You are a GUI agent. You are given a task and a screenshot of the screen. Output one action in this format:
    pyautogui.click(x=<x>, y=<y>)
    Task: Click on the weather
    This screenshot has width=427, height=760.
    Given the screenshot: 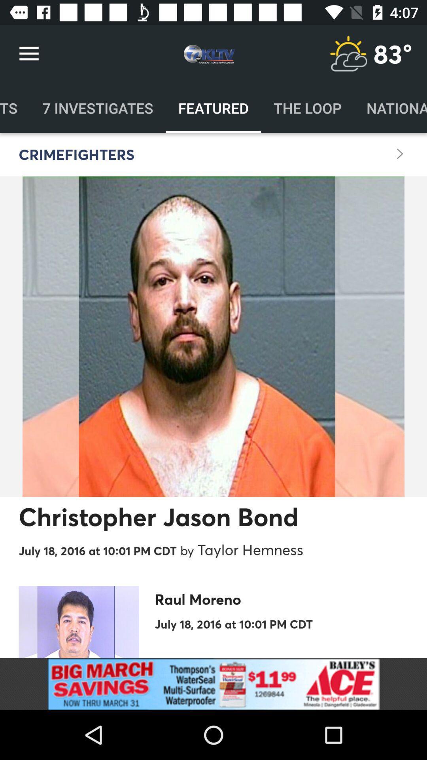 What is the action you would take?
    pyautogui.click(x=348, y=53)
    